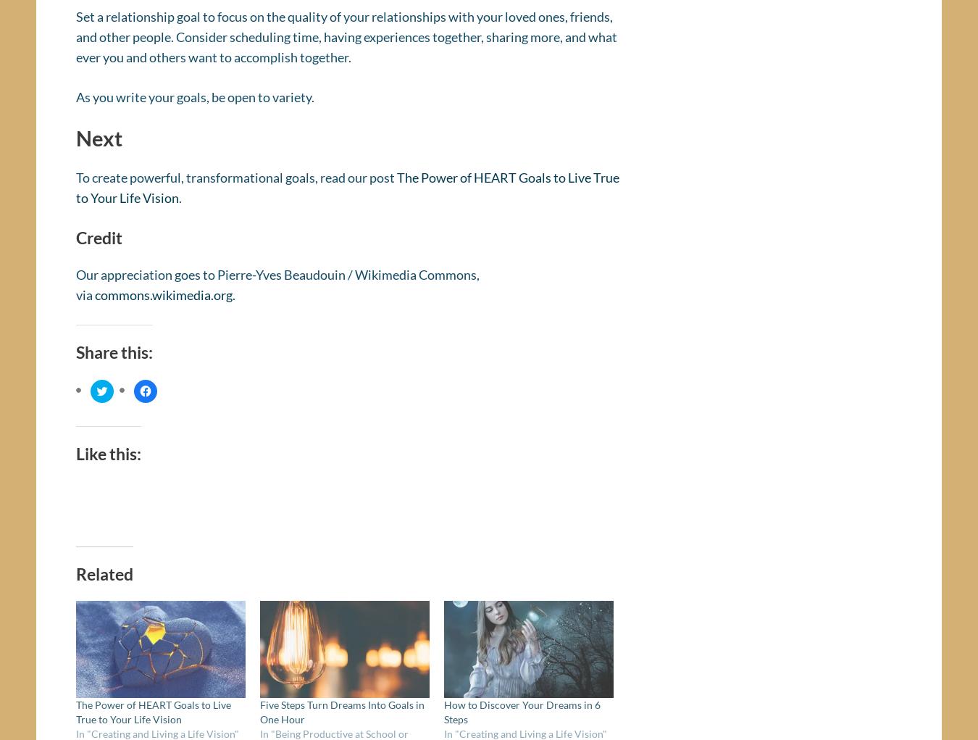 The height and width of the screenshot is (740, 978). I want to click on 'To create powerful, transformational goals, read our post', so click(235, 180).